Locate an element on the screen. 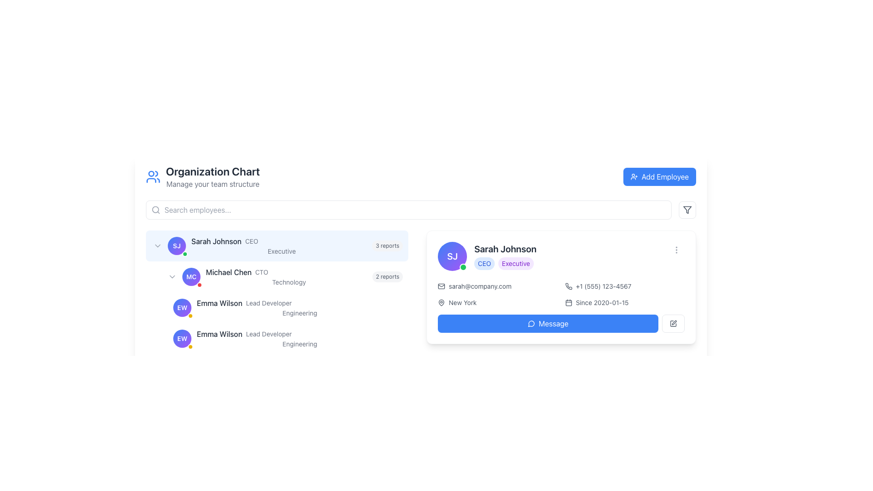  the 'Executive' label, which is styled with a small font size and gray color, located beneath 'Sarah Johnson' and 'CEO' labels within the organizational chart is located at coordinates (281, 251).